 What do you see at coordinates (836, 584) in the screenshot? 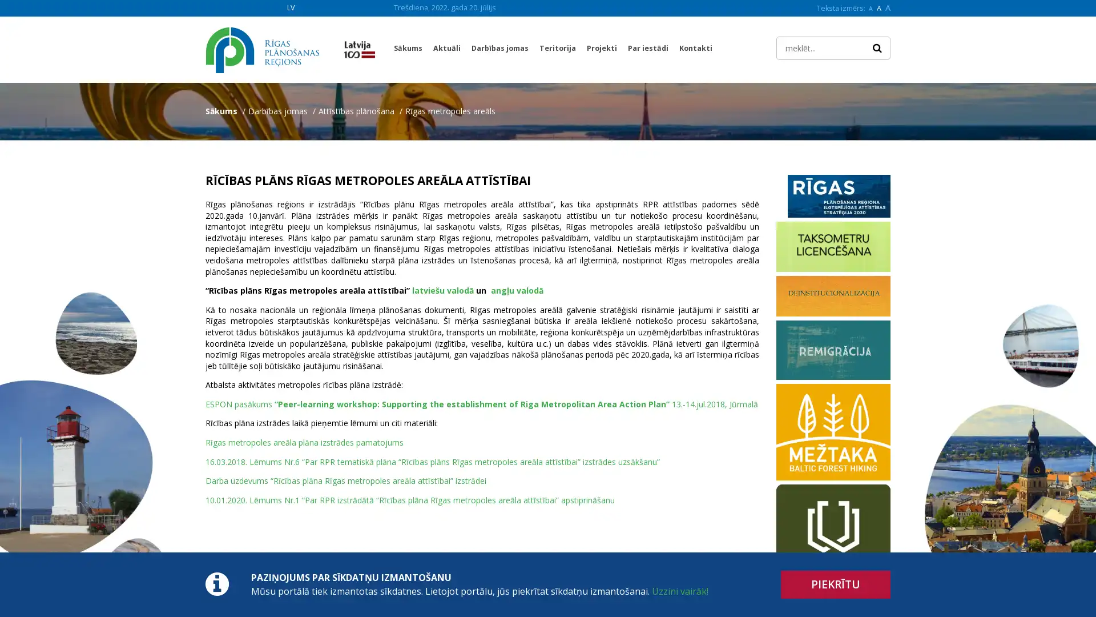
I see `PIEKRITU` at bounding box center [836, 584].